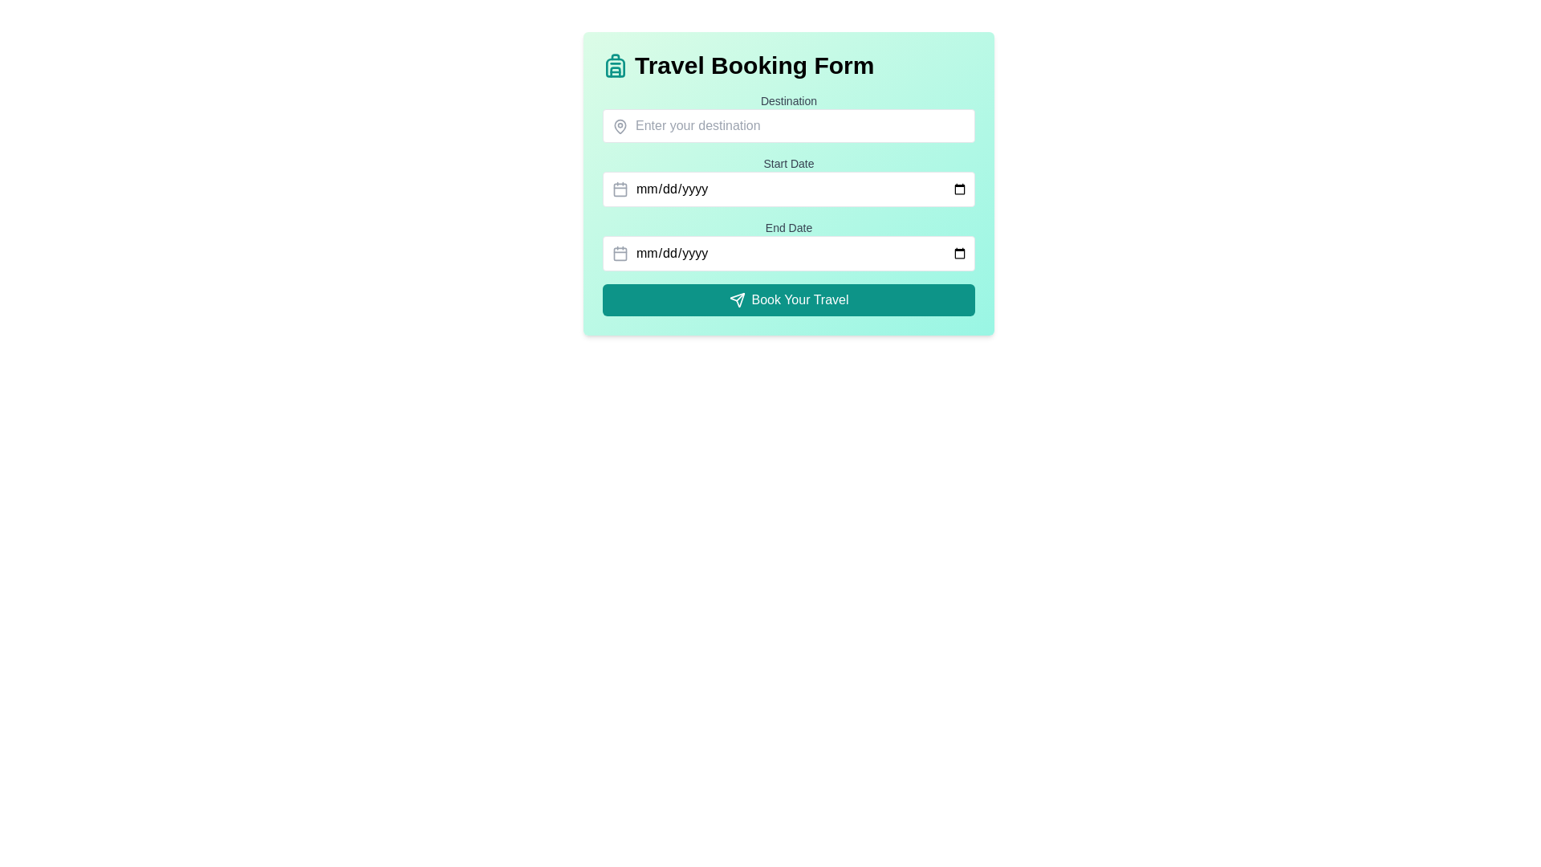 This screenshot has width=1541, height=867. Describe the element at coordinates (789, 245) in the screenshot. I see `the Date Input Field used for inputting the end date for the booking` at that location.